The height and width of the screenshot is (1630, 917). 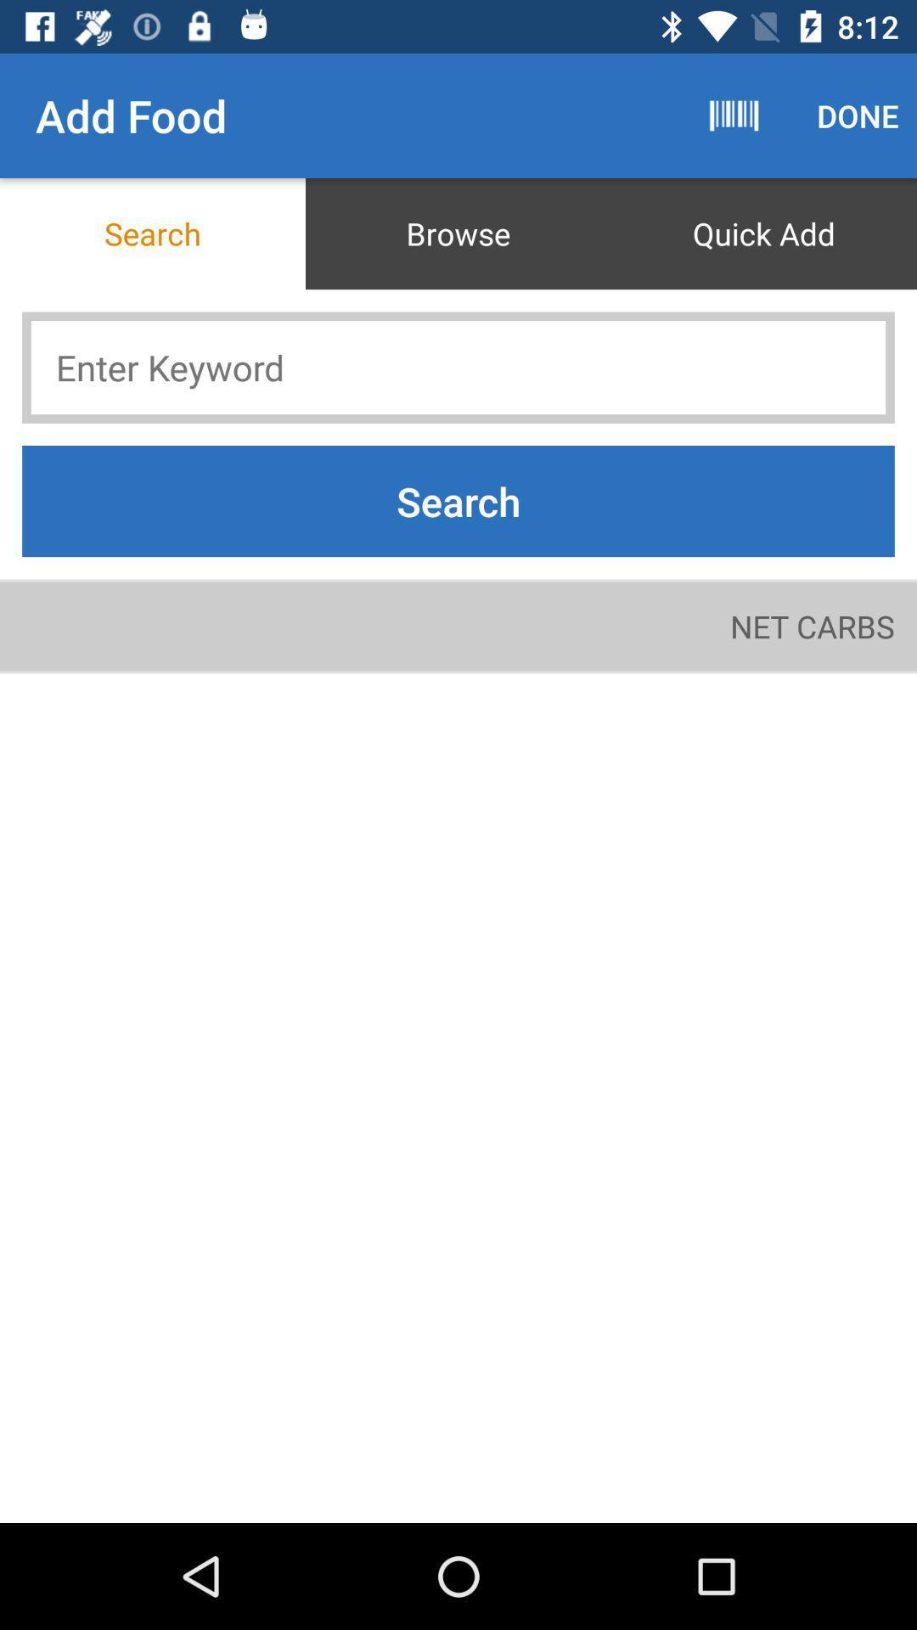 What do you see at coordinates (458, 367) in the screenshot?
I see `search keyword` at bounding box center [458, 367].